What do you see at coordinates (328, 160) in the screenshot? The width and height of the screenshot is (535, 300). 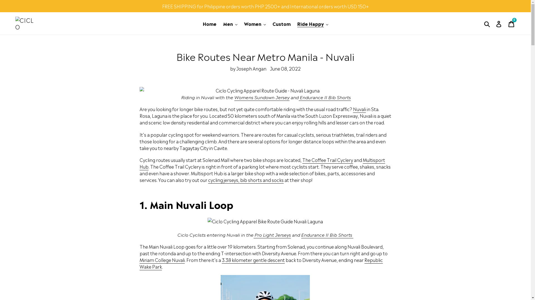 I see `'The Coffee Trail Cyclery'` at bounding box center [328, 160].